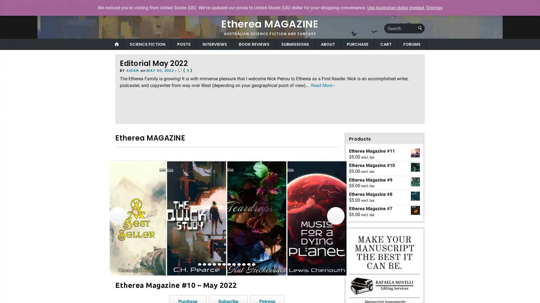 This screenshot has height=303, width=540. Describe the element at coordinates (224, 264) in the screenshot. I see `view image 6 of 12 in carousel` at that location.